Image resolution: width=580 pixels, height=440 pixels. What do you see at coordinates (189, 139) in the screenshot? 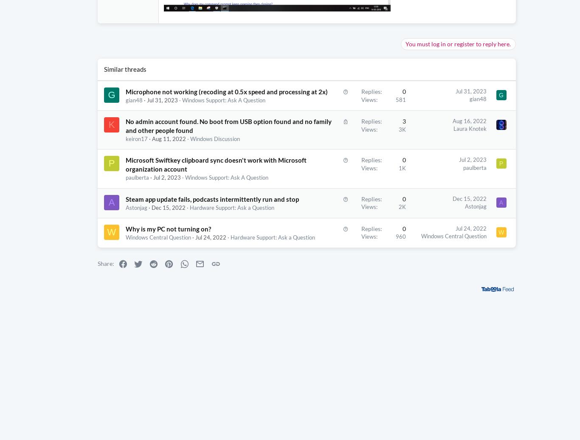
I see `'No admin account found. No boot from USB option found and no family and other people found'` at bounding box center [189, 139].